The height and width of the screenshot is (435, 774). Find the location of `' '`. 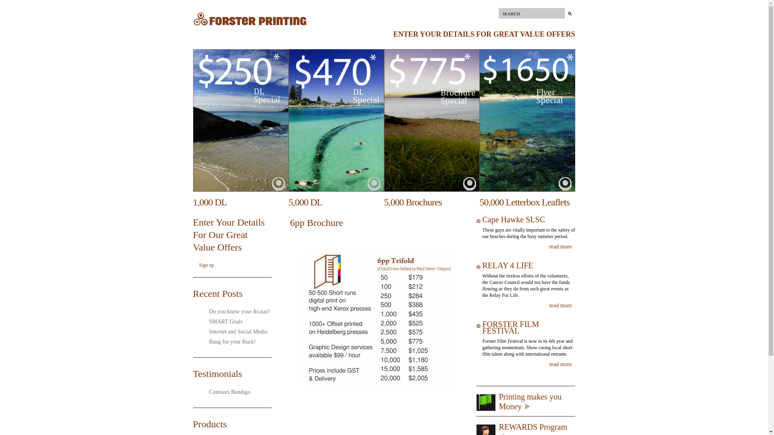

' ' is located at coordinates (375, 184).